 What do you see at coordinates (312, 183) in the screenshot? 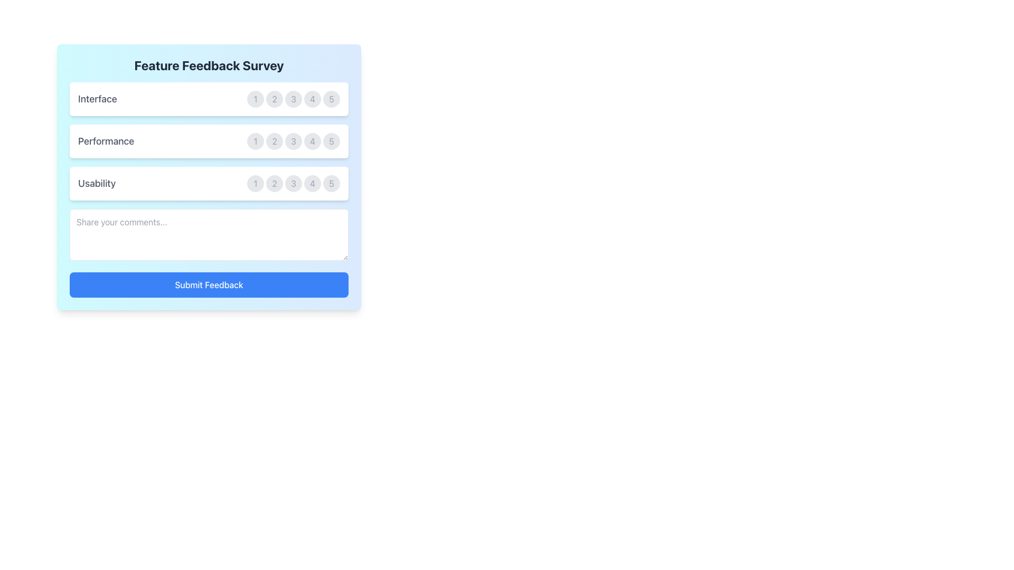
I see `the circular button with the number '4' and light gray background to activate its hover effects` at bounding box center [312, 183].